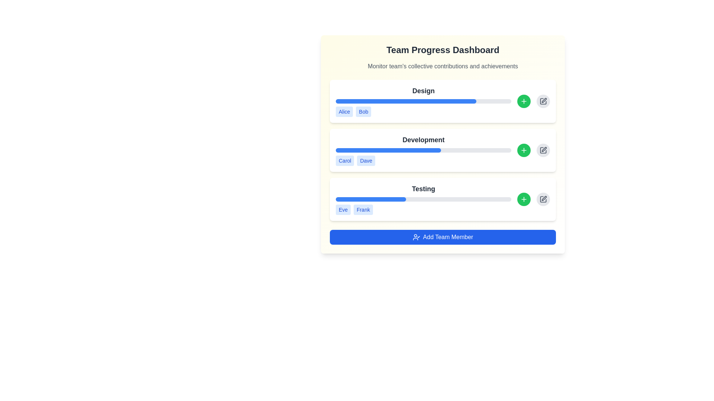 The height and width of the screenshot is (401, 714). What do you see at coordinates (423, 189) in the screenshot?
I see `the text label that identifies the category or task associated with the progress bar and member labels, located in the third section of a vertically stacked list` at bounding box center [423, 189].